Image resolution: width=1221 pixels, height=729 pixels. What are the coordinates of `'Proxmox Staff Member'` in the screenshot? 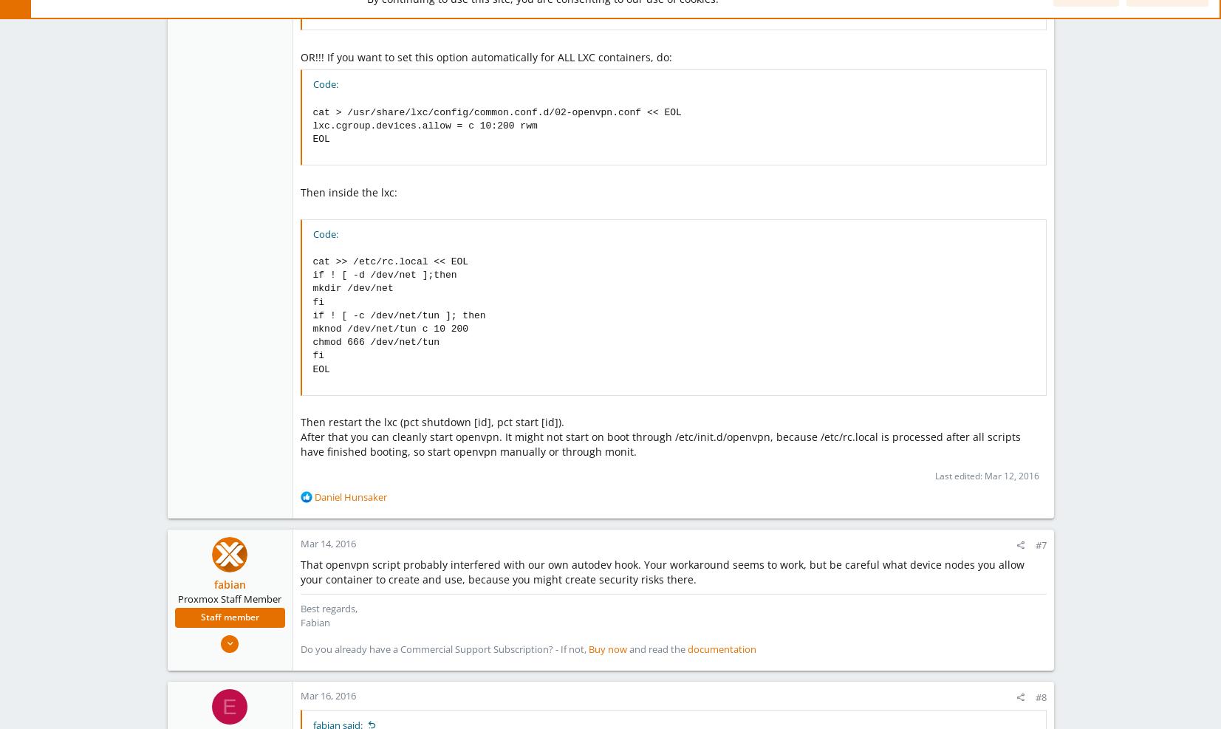 It's located at (228, 598).